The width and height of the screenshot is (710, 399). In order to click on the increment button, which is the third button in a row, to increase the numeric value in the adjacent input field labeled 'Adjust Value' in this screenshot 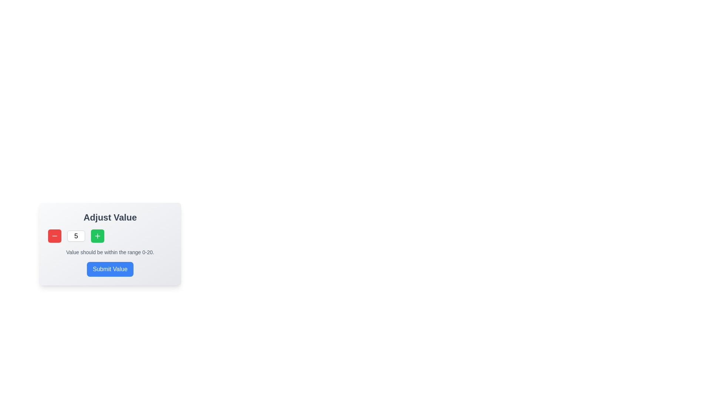, I will do `click(97, 236)`.